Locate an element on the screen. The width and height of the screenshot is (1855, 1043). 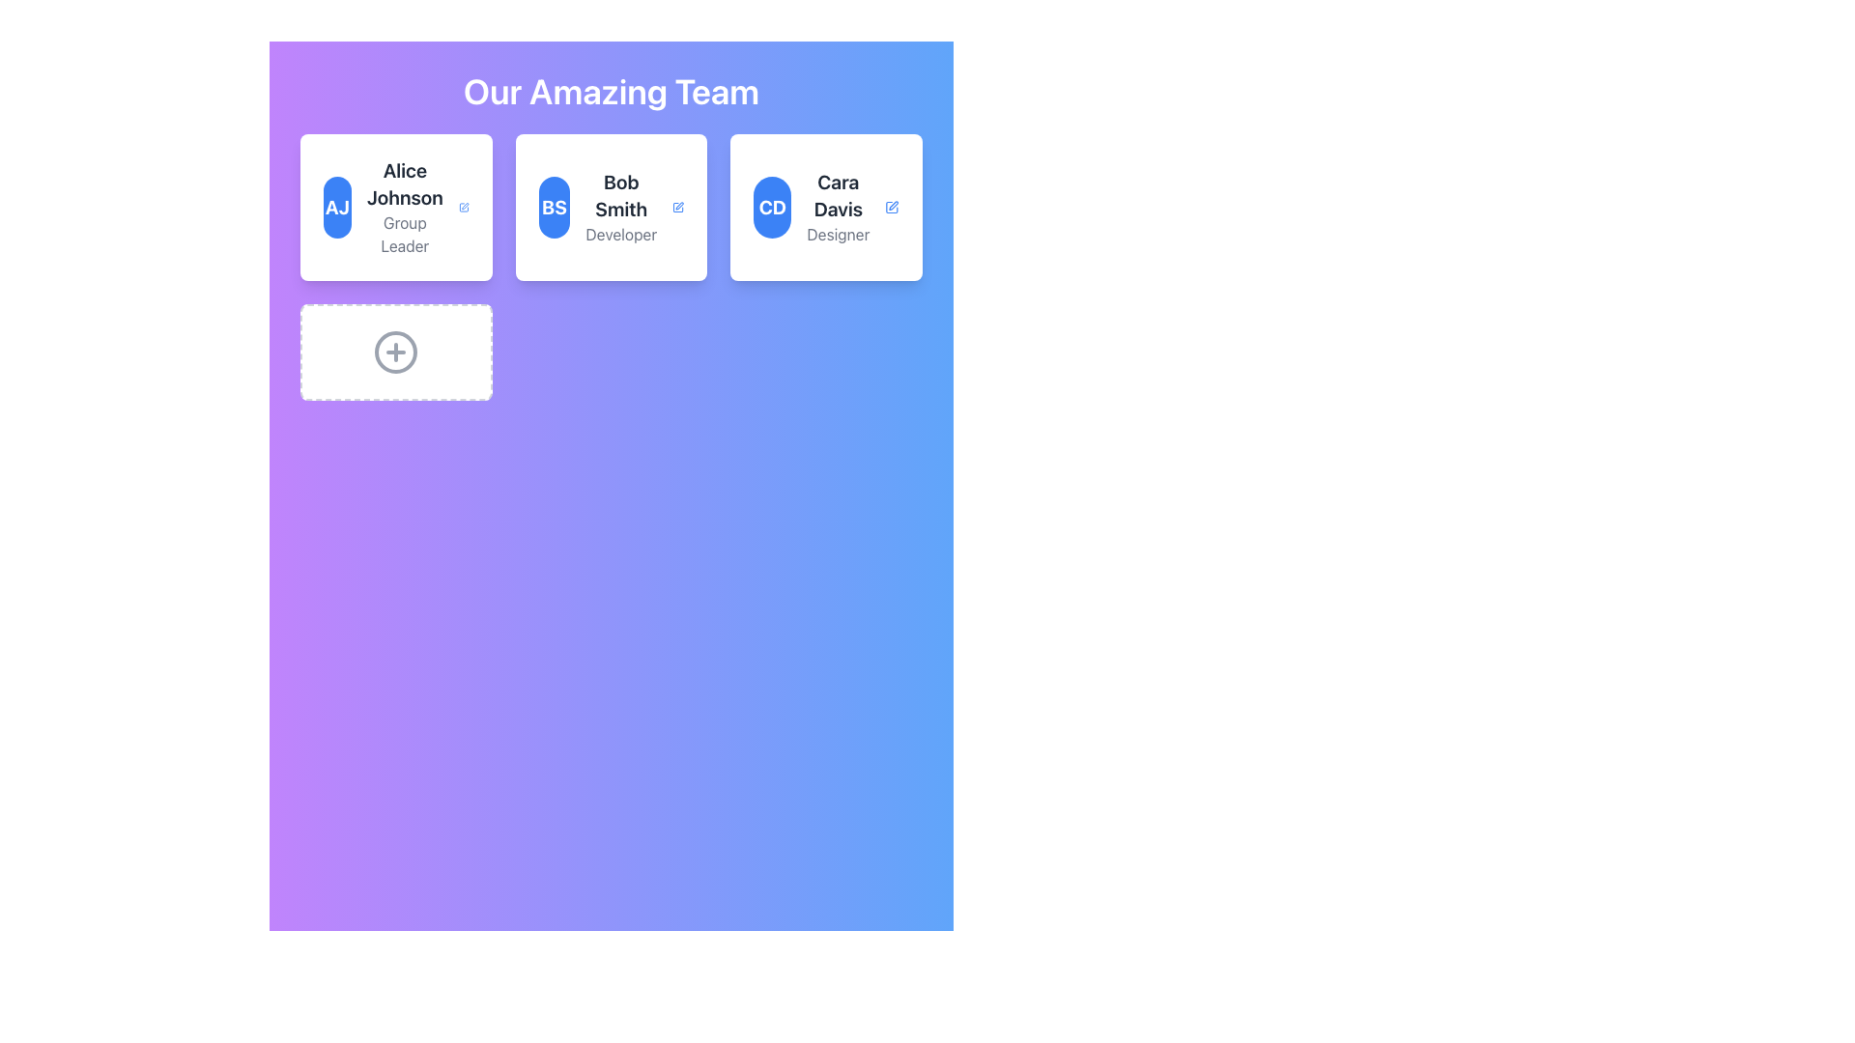
the text element displaying 'Cara Davis' is located at coordinates (838, 196).